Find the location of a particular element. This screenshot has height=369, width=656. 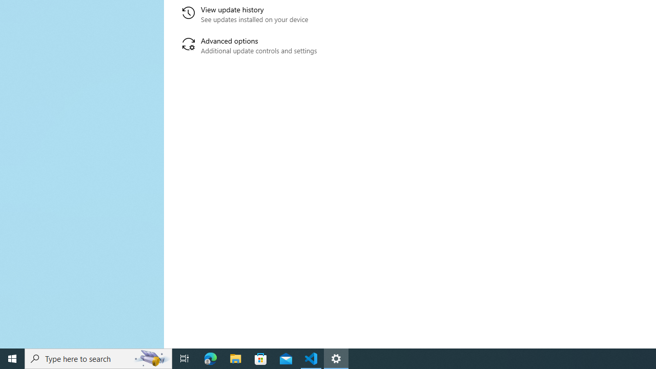

'Start' is located at coordinates (12, 358).